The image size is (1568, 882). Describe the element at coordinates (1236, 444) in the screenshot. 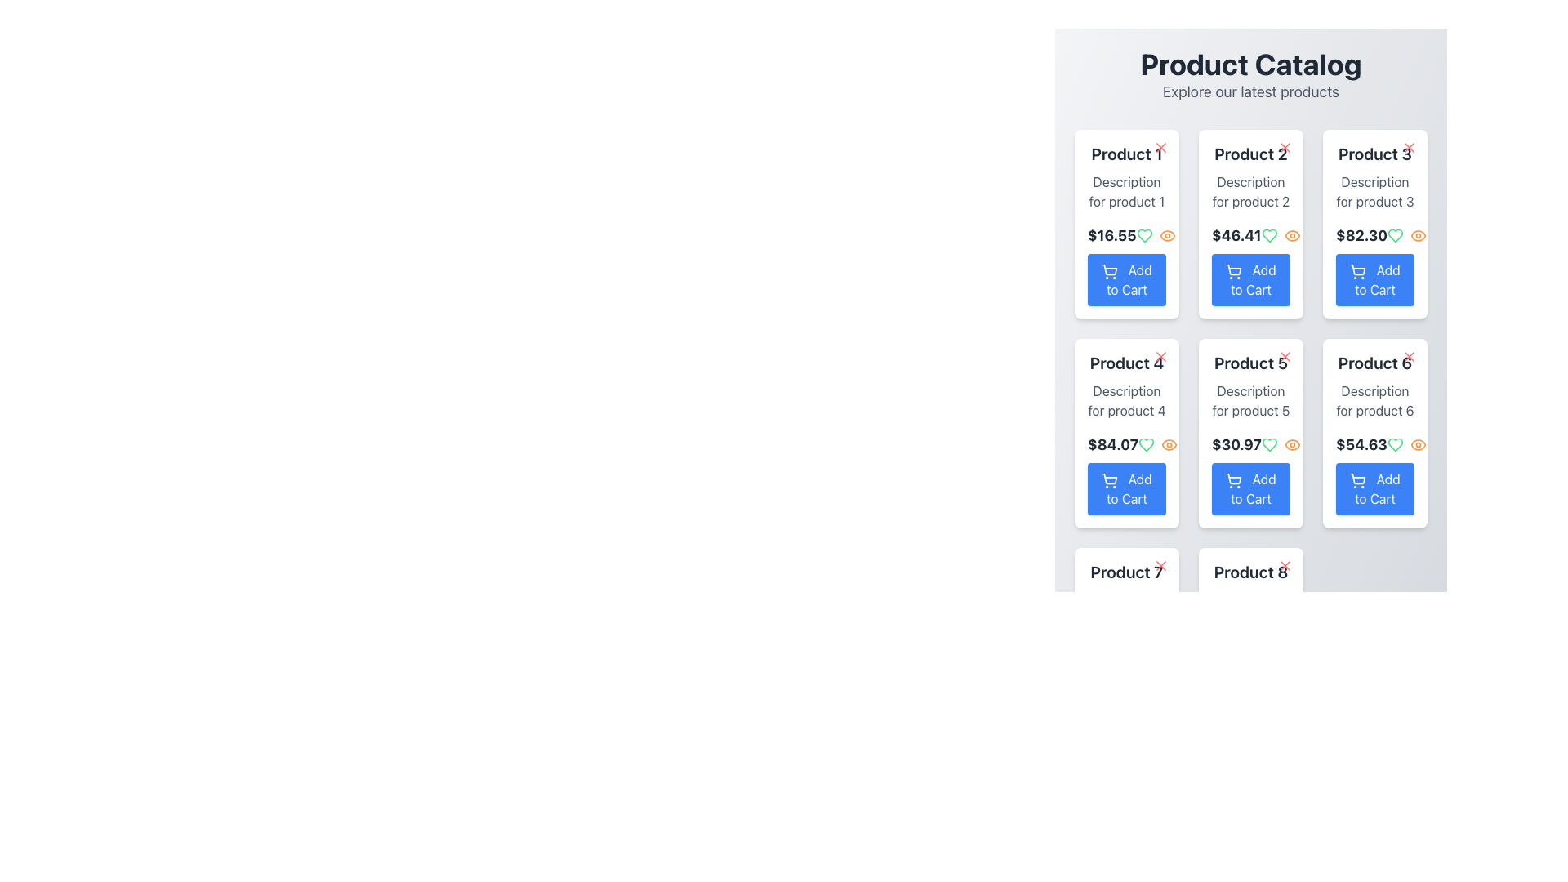

I see `the price Text Label within the fifth product card, located just above the 'Add to Cart' button` at that location.